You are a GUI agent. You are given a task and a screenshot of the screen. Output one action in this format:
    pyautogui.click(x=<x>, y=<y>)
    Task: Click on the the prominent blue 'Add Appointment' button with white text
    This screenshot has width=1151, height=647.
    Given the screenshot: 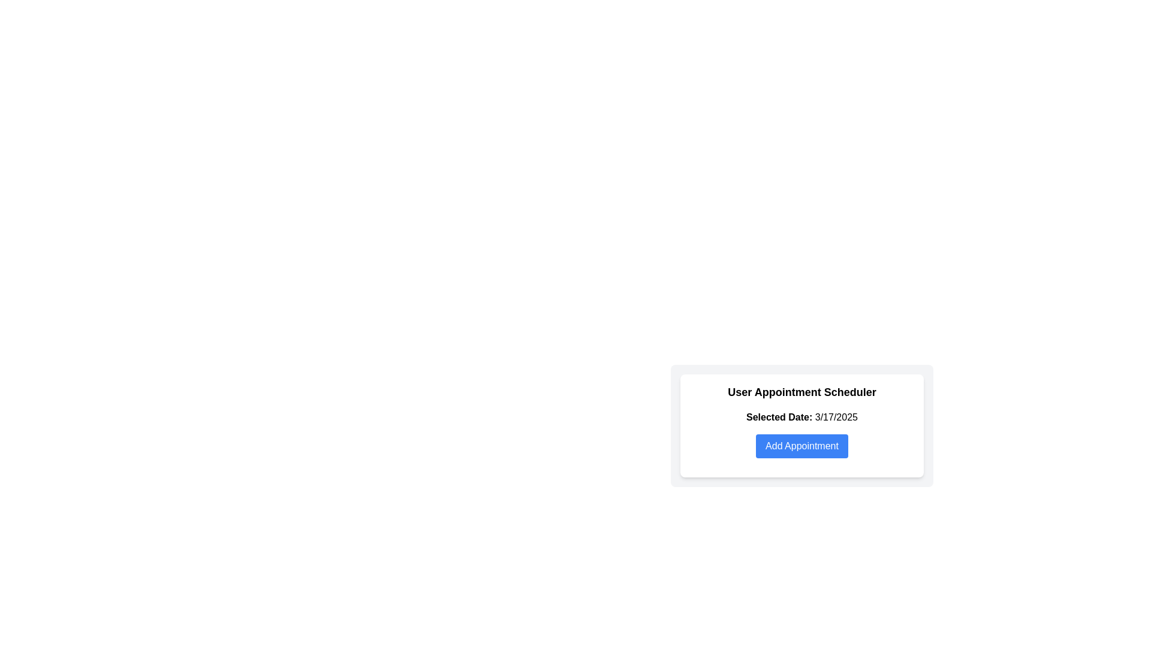 What is the action you would take?
    pyautogui.click(x=802, y=446)
    